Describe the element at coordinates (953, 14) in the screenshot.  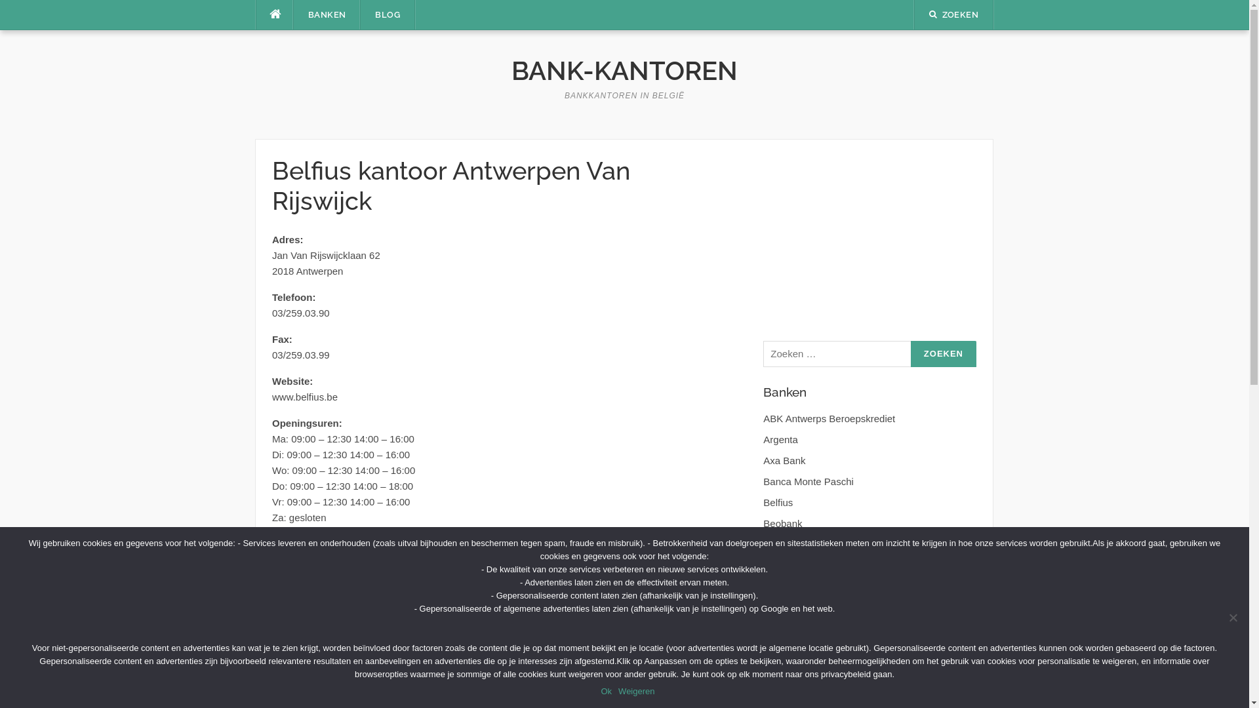
I see `'ZOEKEN'` at that location.